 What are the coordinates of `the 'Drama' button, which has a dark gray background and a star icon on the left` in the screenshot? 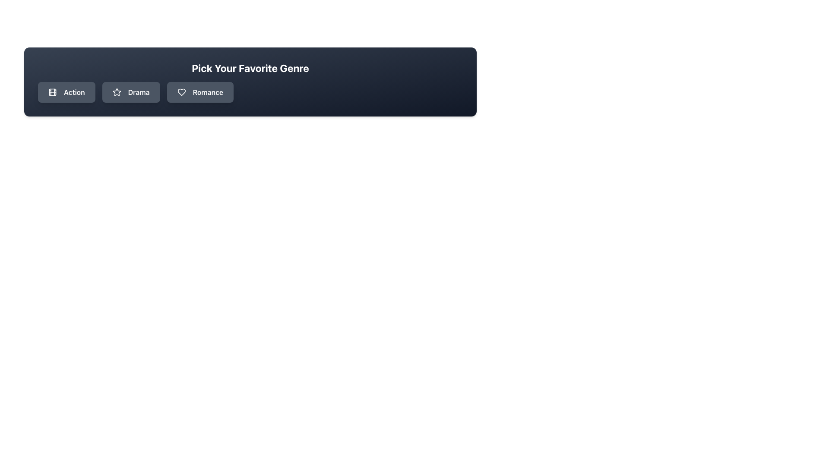 It's located at (130, 92).